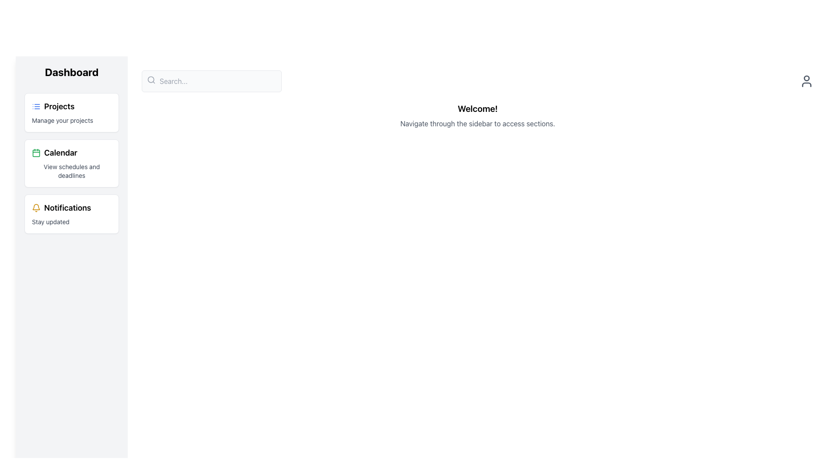 This screenshot has height=472, width=840. I want to click on the search icon located, so click(151, 80).